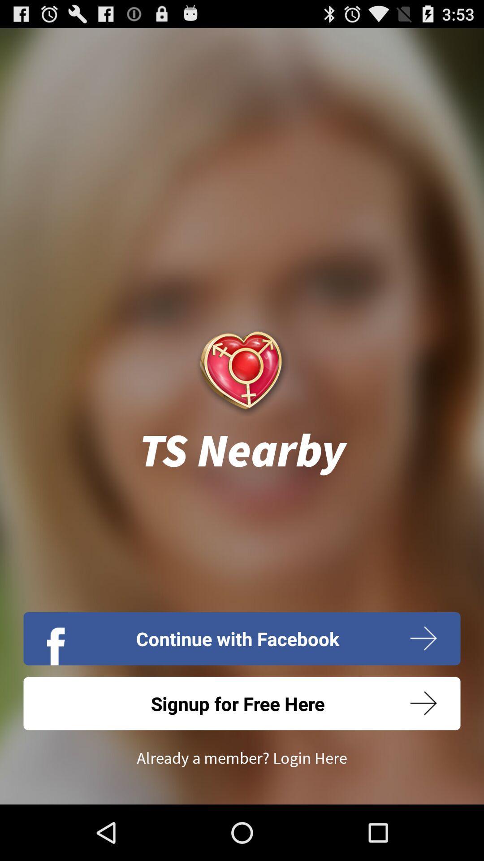 Image resolution: width=484 pixels, height=861 pixels. What do you see at coordinates (242, 703) in the screenshot?
I see `icon below continue with facebook icon` at bounding box center [242, 703].